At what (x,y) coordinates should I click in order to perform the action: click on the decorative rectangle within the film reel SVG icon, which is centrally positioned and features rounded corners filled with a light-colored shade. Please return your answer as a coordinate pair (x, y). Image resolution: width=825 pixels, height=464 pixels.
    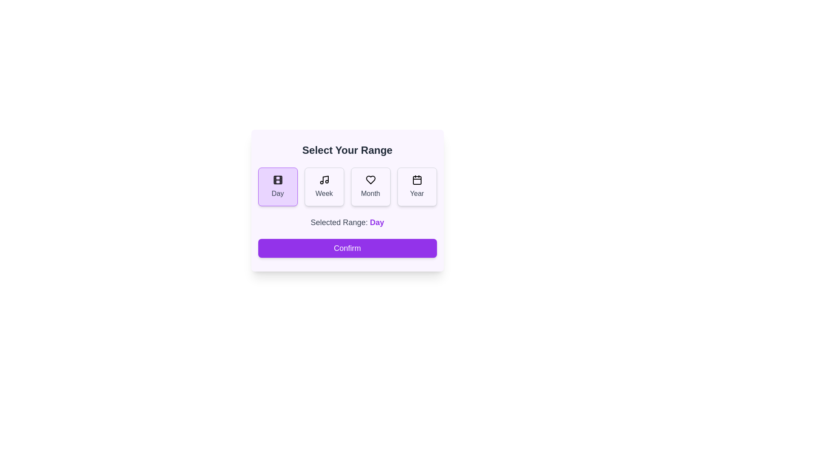
    Looking at the image, I should click on (278, 180).